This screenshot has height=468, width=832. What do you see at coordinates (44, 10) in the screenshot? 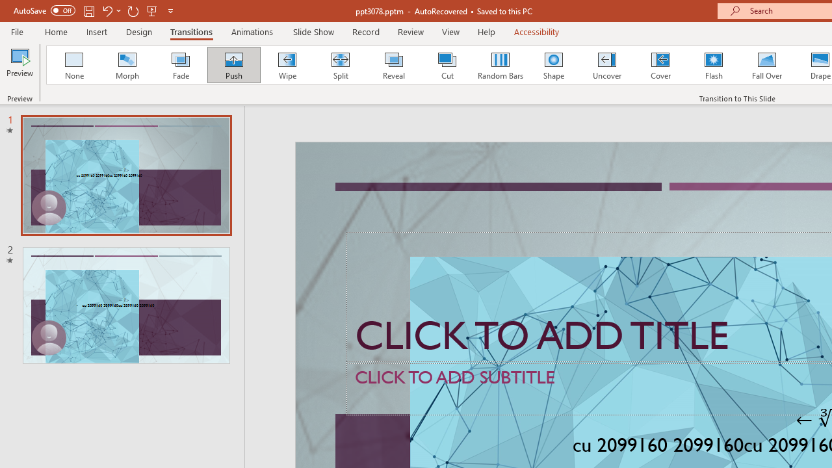
I see `'AutoSave'` at bounding box center [44, 10].